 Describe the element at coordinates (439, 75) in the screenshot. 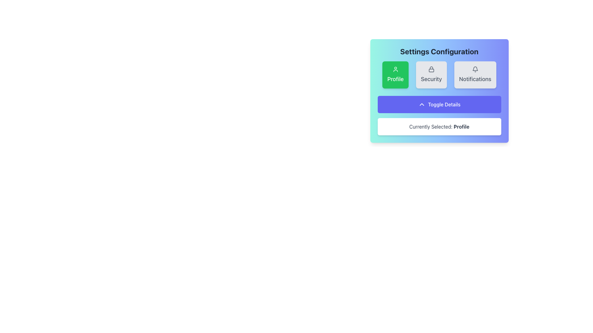

I see `the Security settings button located in the central position of the horizontal menu between 'Profile' and 'Notifications' to trigger the visual hover effect` at that location.